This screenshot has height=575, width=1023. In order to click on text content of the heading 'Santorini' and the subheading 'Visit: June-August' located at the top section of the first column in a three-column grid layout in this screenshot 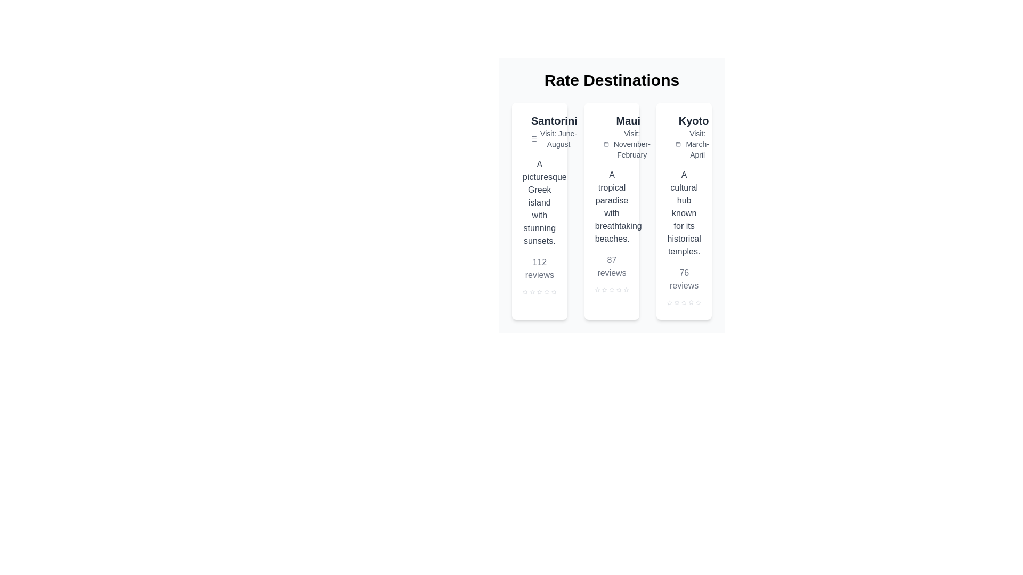, I will do `click(539, 130)`.